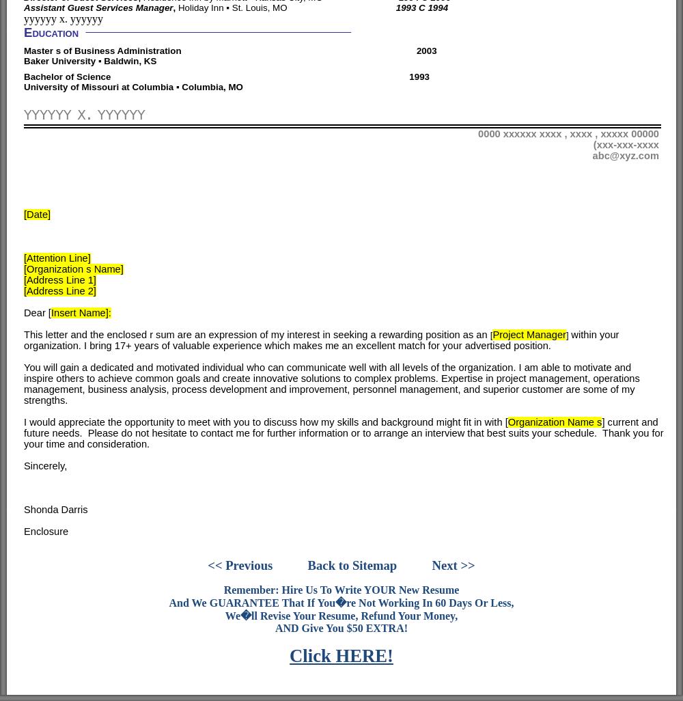 The height and width of the screenshot is (701, 683). Describe the element at coordinates (37, 312) in the screenshot. I see `'Dear
['` at that location.